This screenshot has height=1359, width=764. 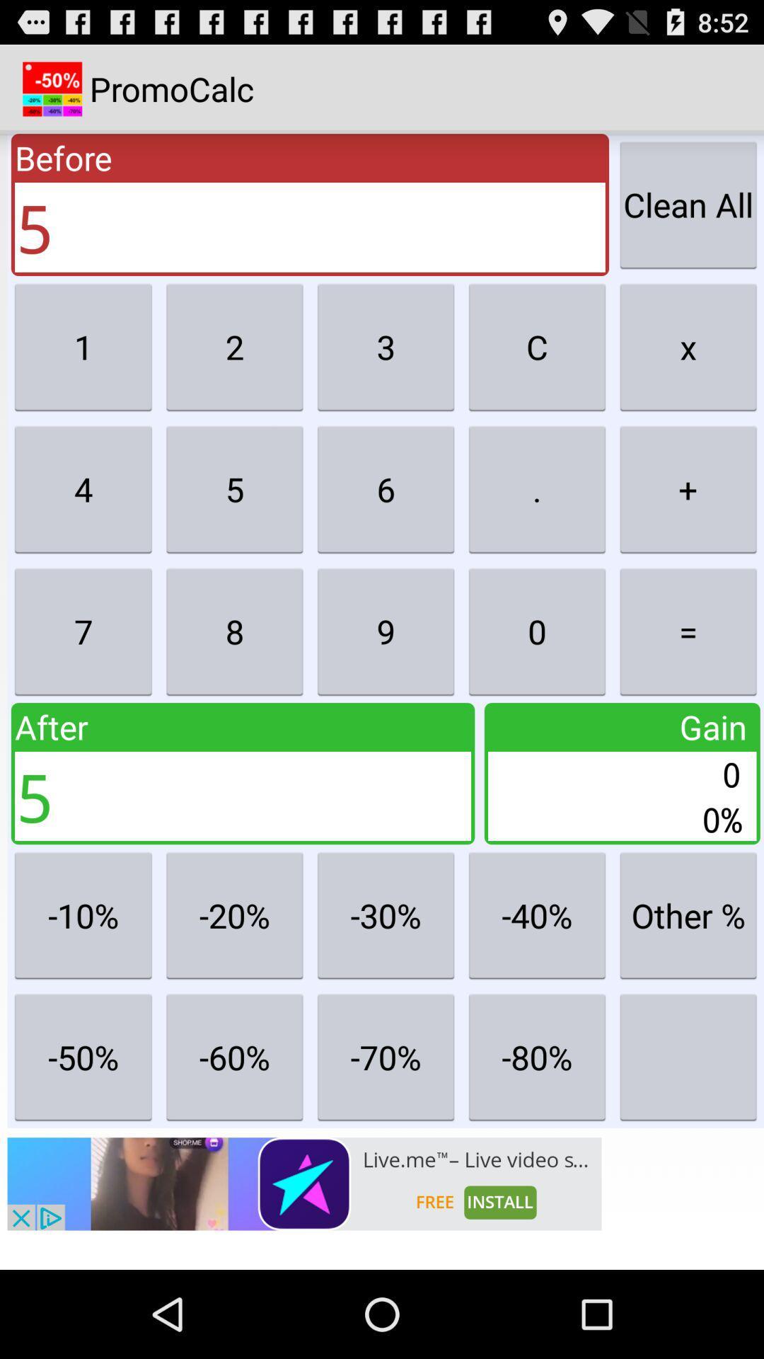 What do you see at coordinates (537, 915) in the screenshot?
I see `40 icon` at bounding box center [537, 915].